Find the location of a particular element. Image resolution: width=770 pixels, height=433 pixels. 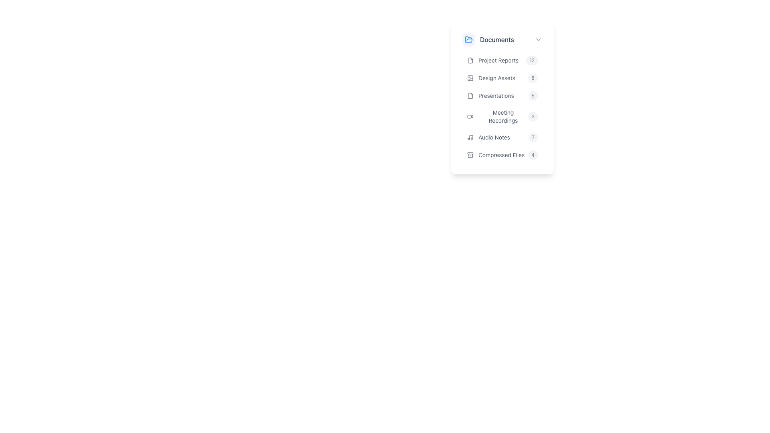

the List Item representing 'Presentations' to trigger a visual effect, which is the third item in a vertical list of six entries is located at coordinates (502, 96).